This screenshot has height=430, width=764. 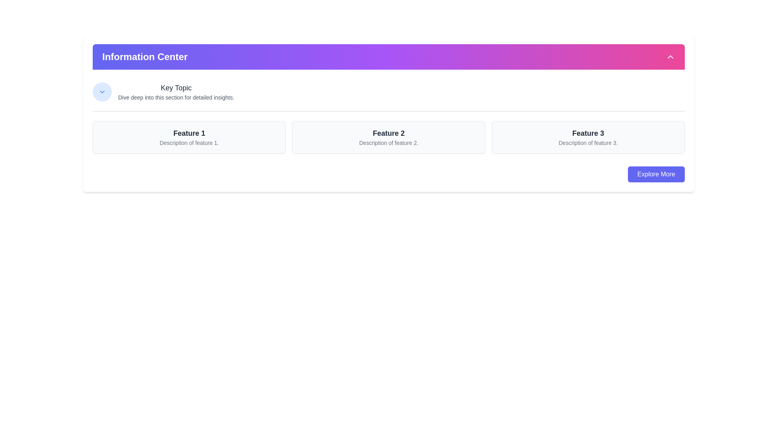 I want to click on the text label that provides details about 'Feature 2', located in the second column of feature cards, below the 'Feature 2' heading, so click(x=388, y=142).